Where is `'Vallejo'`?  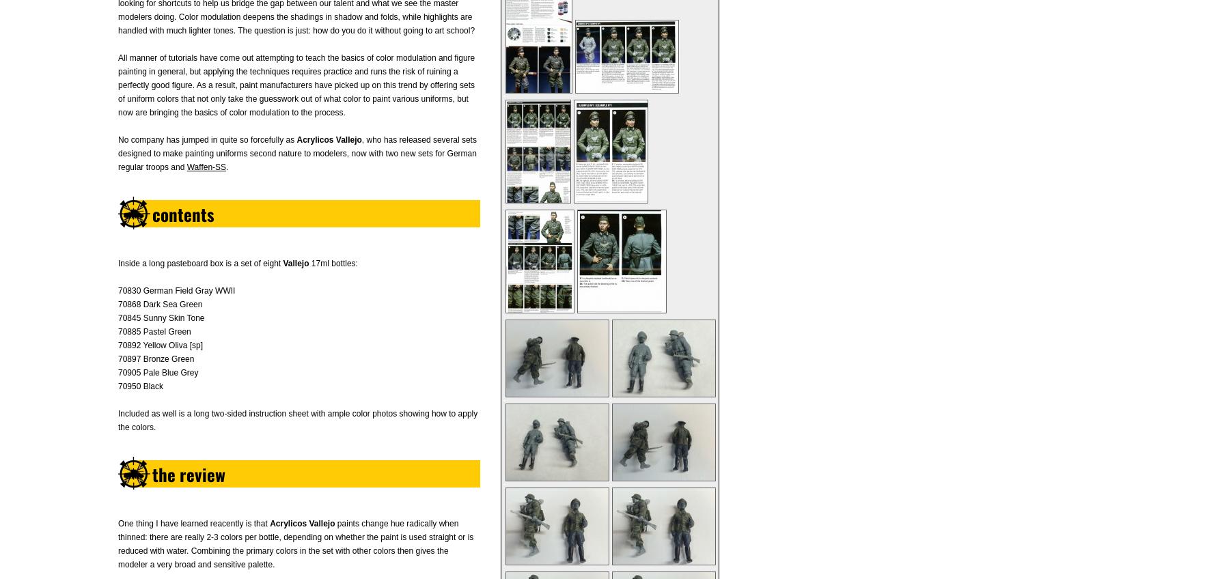
'Vallejo' is located at coordinates (295, 264).